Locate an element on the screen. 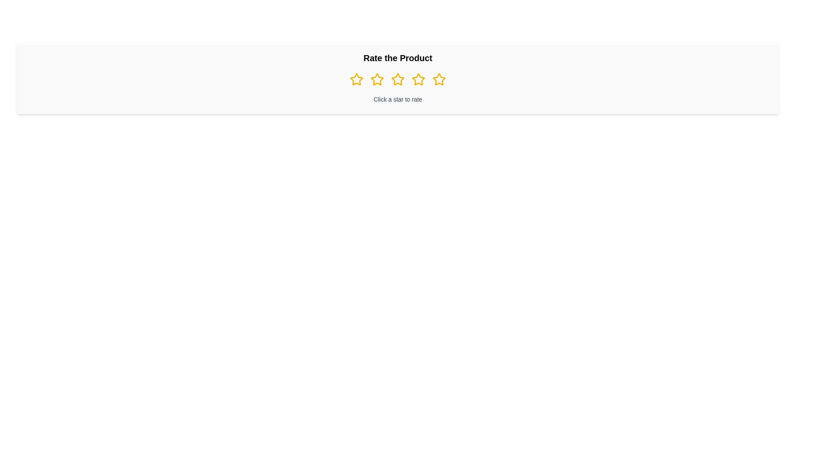 This screenshot has height=465, width=826. the one-star rating icon located just below the 'Rate the Product' text is located at coordinates (357, 80).